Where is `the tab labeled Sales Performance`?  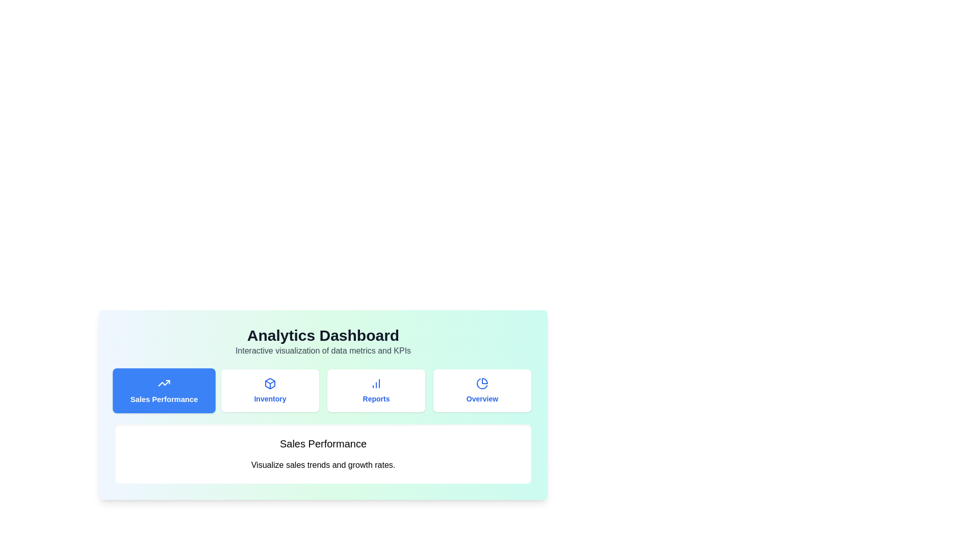 the tab labeled Sales Performance is located at coordinates (164, 390).